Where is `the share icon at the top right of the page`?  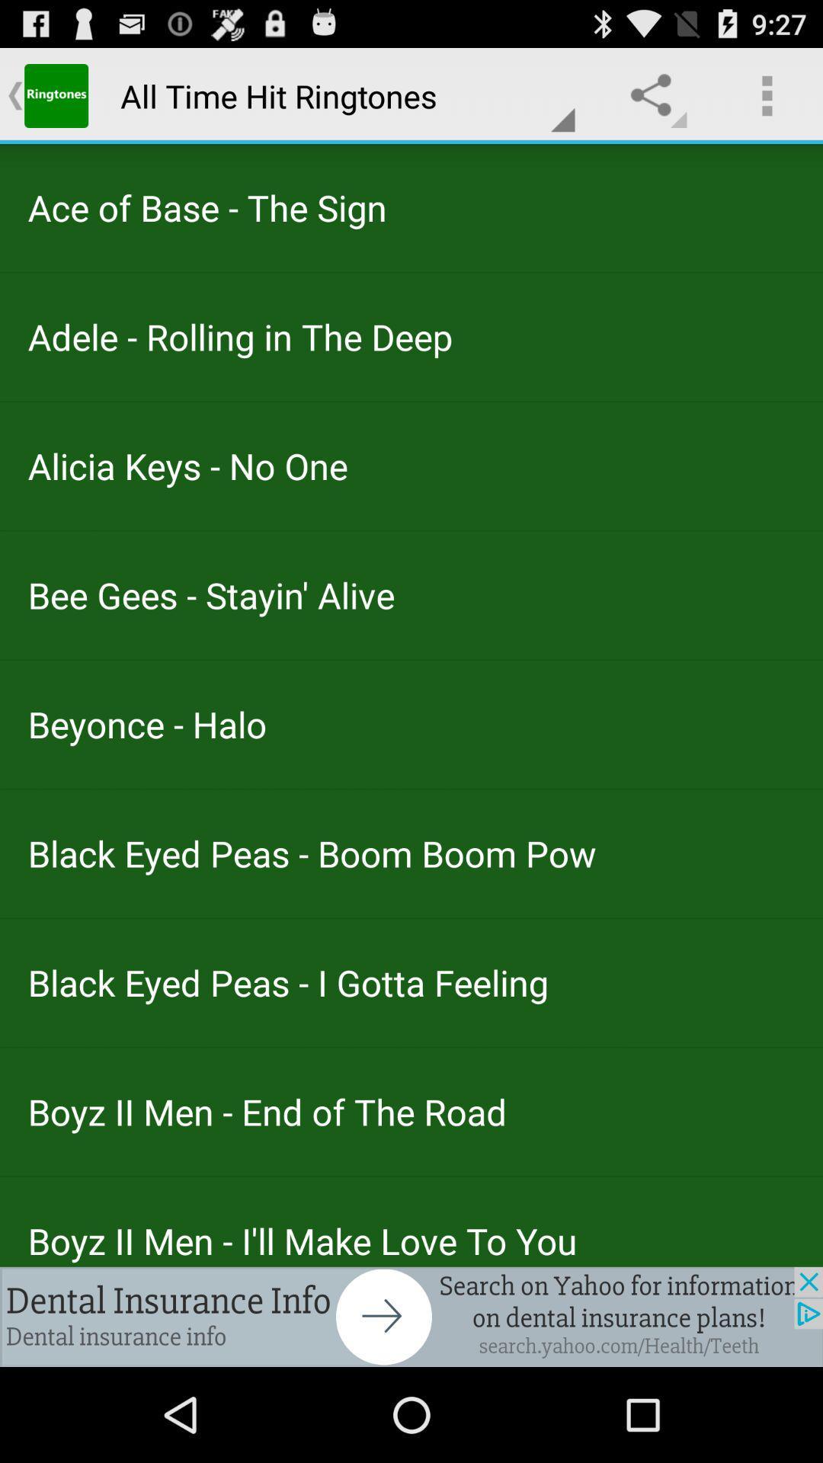 the share icon at the top right of the page is located at coordinates (654, 94).